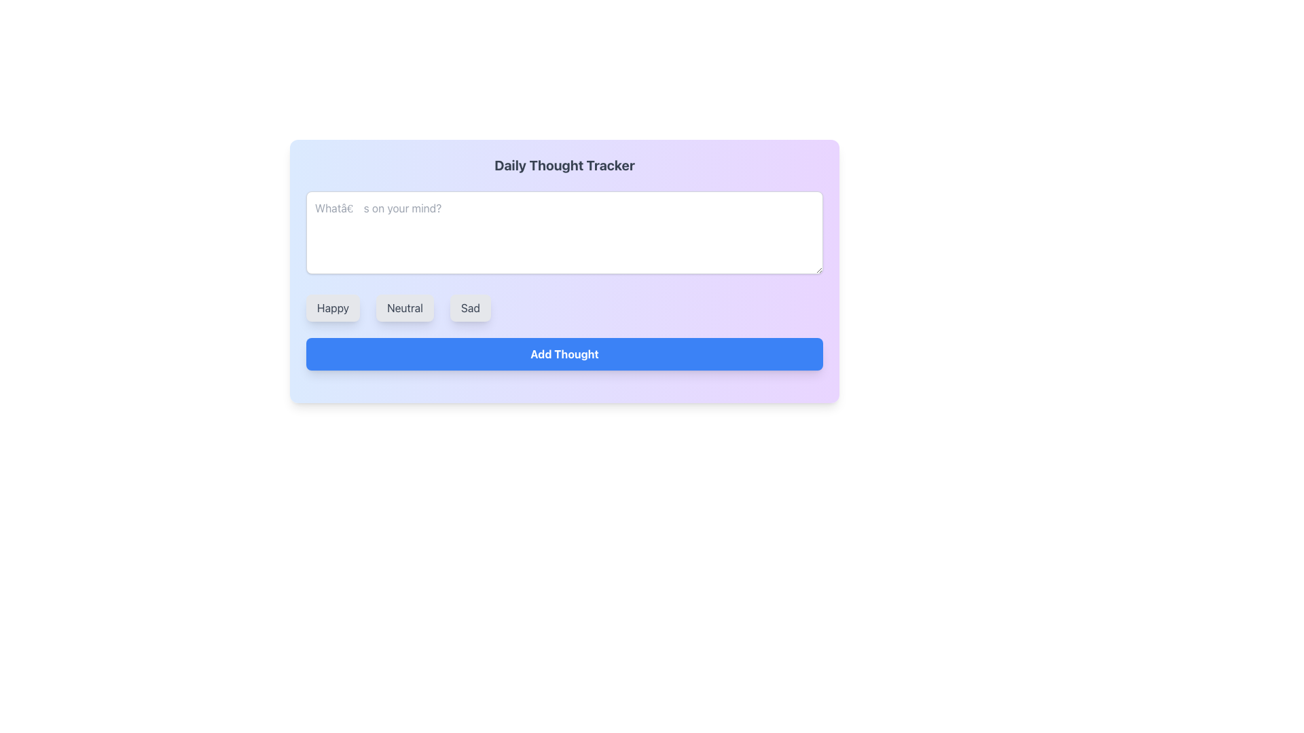  What do you see at coordinates (333, 308) in the screenshot?
I see `the 'Happy' button located directly below the 'What's on your mind?' input textbox` at bounding box center [333, 308].